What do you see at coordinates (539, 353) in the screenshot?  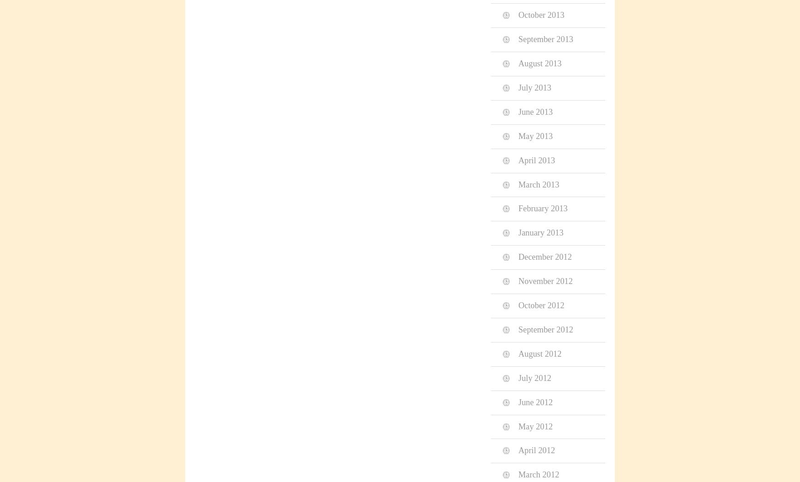 I see `'August 2012'` at bounding box center [539, 353].